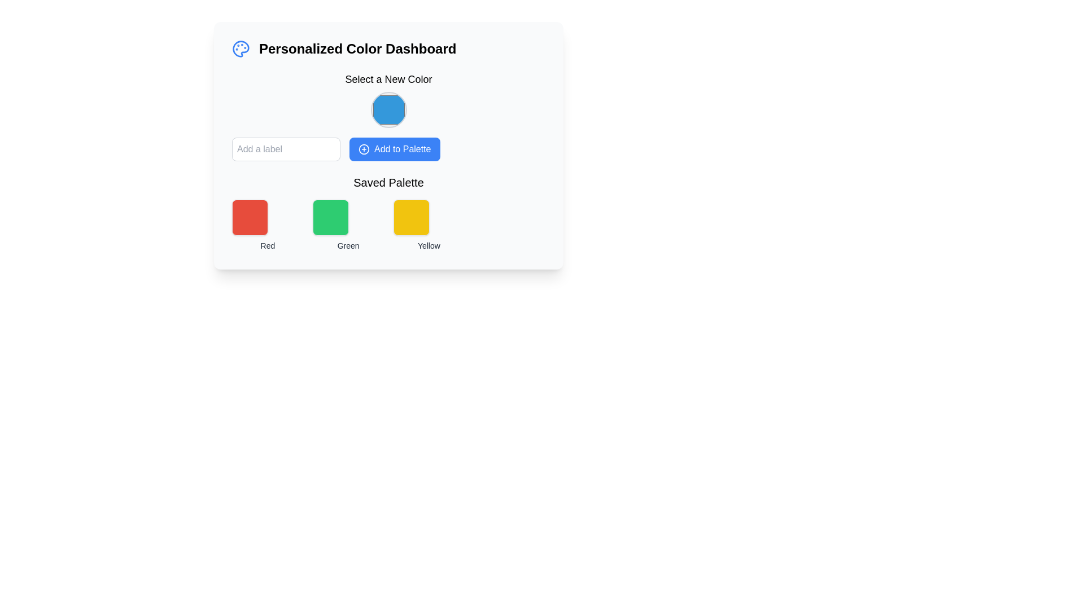 Image resolution: width=1084 pixels, height=609 pixels. Describe the element at coordinates (348, 226) in the screenshot. I see `the green color selection box` at that location.